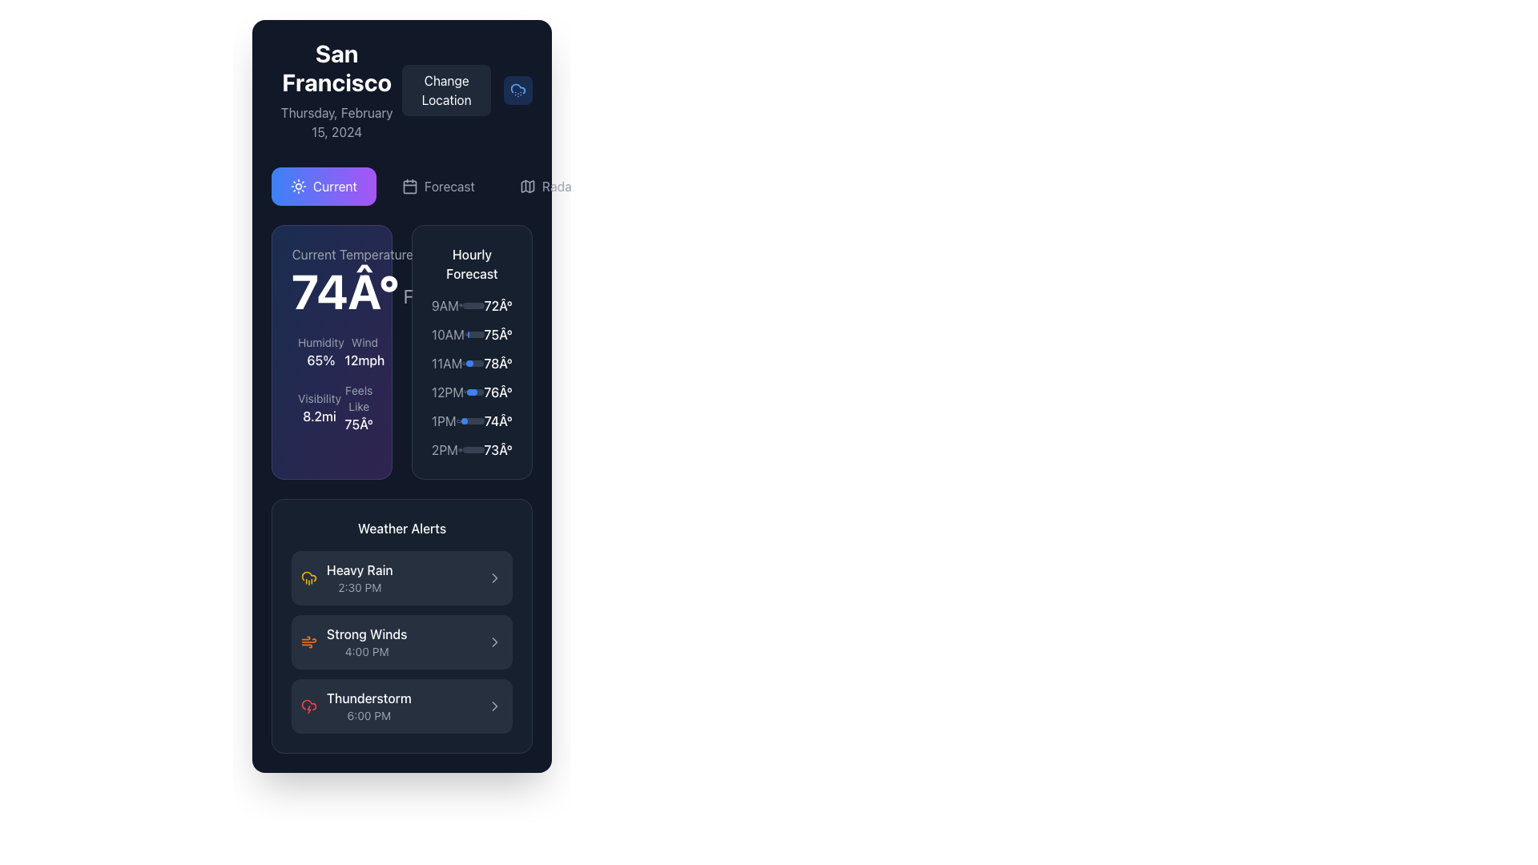  I want to click on the progress bar indicating the '10AM' hourly forecast, located to the right of the '10AM' text and cloud icon, and to the left of the temperature reading '75°', so click(475, 333).